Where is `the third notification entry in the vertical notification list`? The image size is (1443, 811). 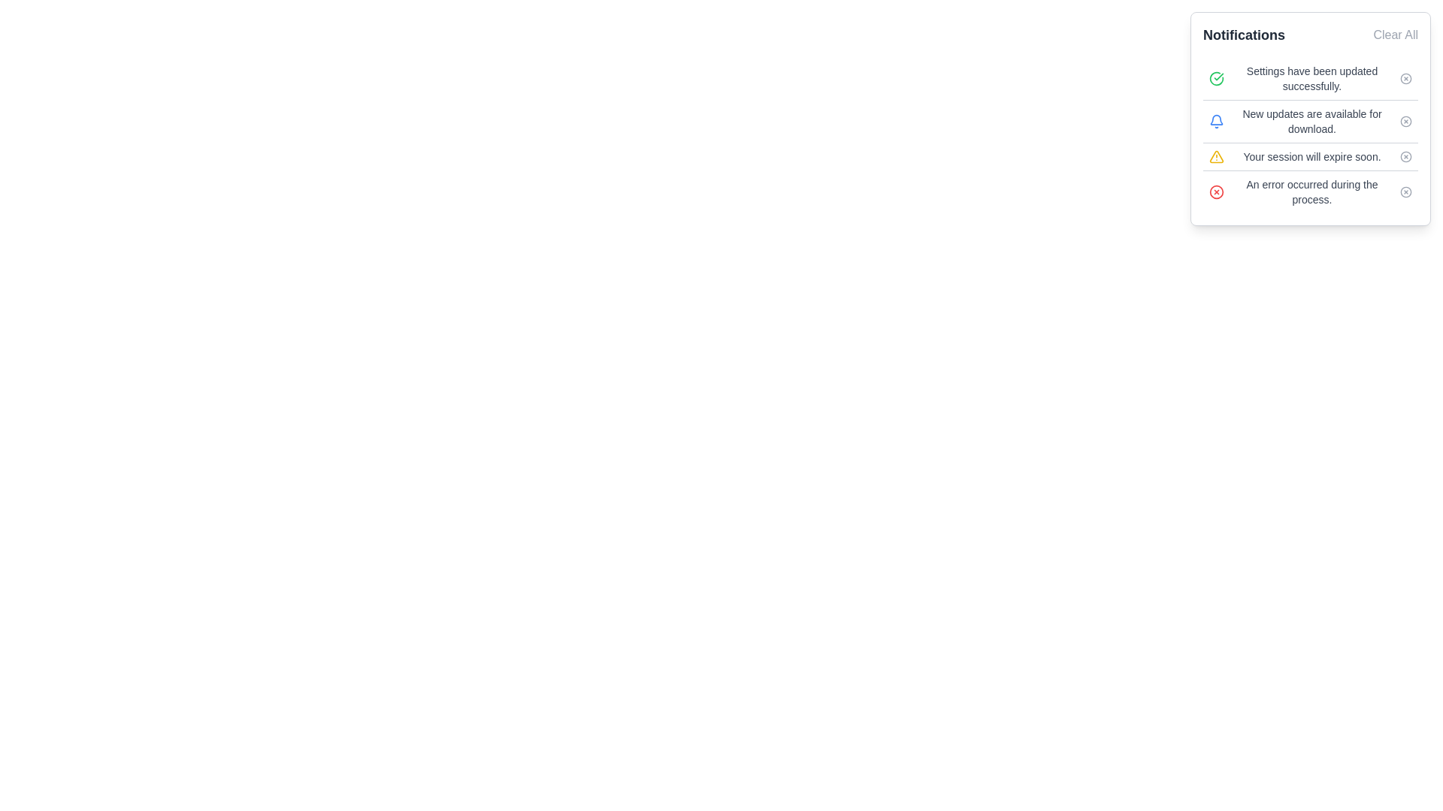 the third notification entry in the vertical notification list is located at coordinates (1309, 156).